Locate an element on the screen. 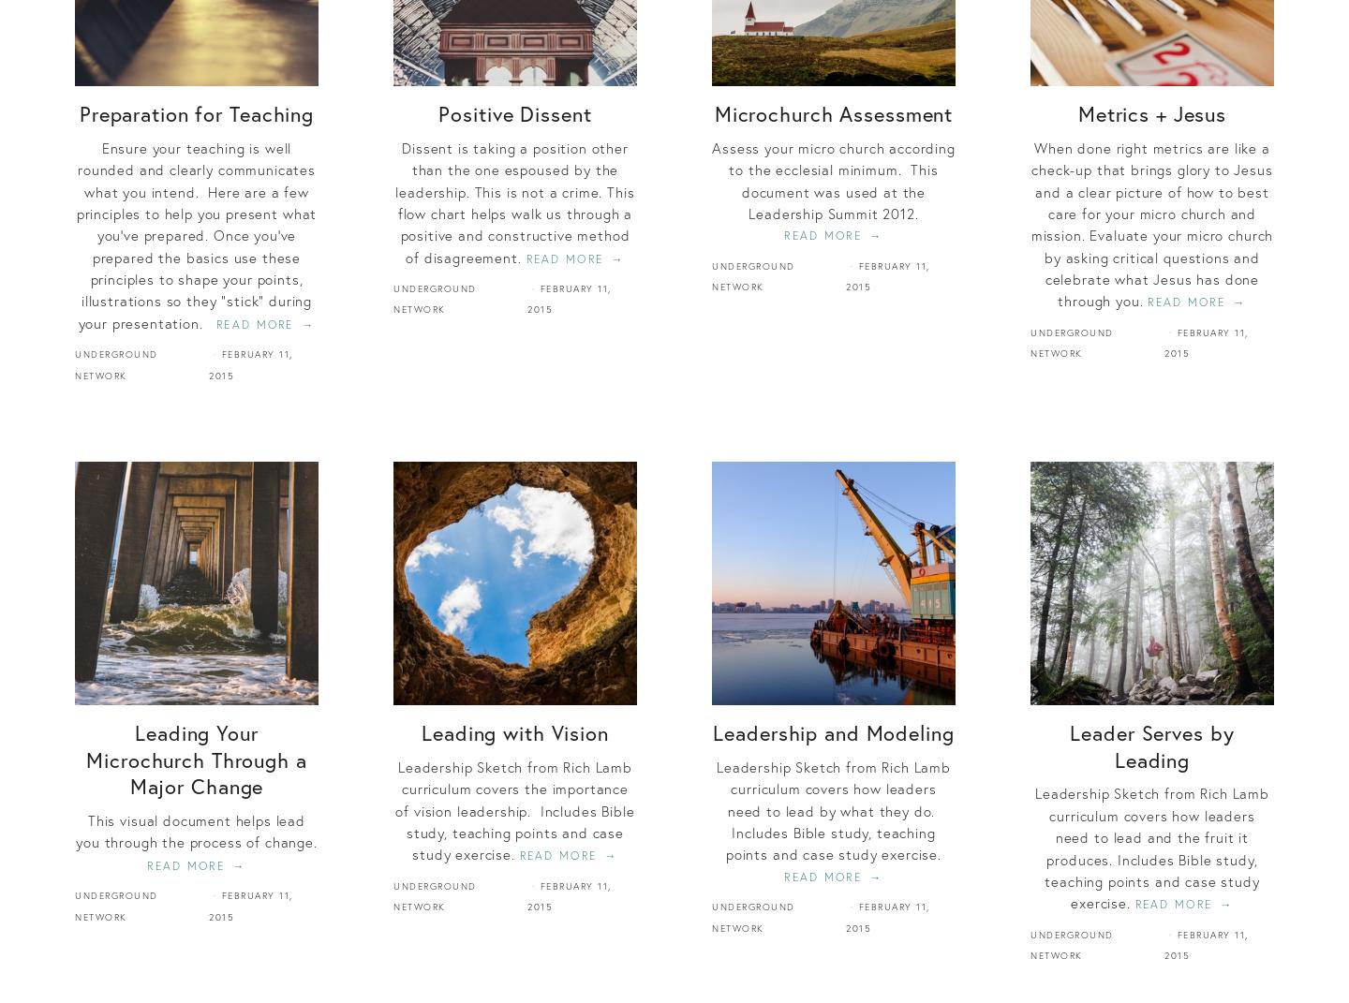  'Leader Serves by Leading' is located at coordinates (1150, 745).